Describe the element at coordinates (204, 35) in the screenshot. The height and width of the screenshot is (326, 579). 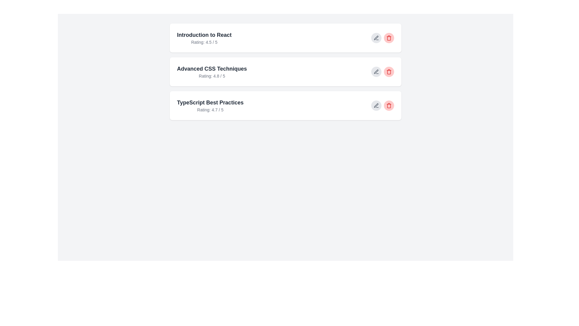
I see `the title text label of the first card, which is positioned above the rating text 'Rating: 4.5 / 5' and centered within the card's width` at that location.